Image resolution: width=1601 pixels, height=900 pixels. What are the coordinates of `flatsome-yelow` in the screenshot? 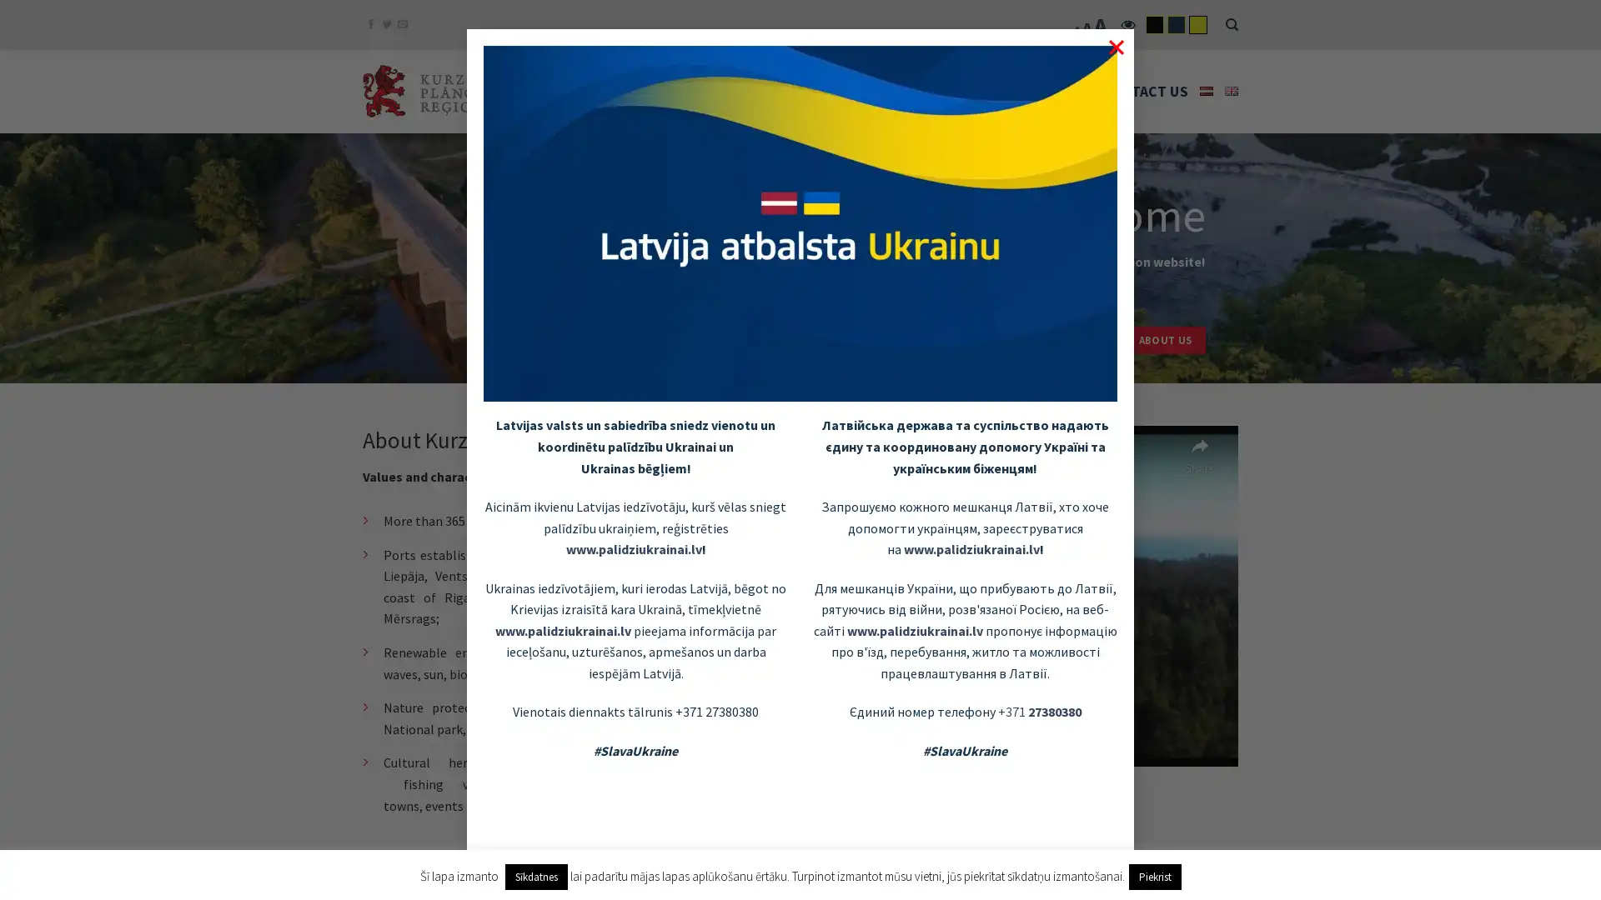 It's located at (1197, 24).